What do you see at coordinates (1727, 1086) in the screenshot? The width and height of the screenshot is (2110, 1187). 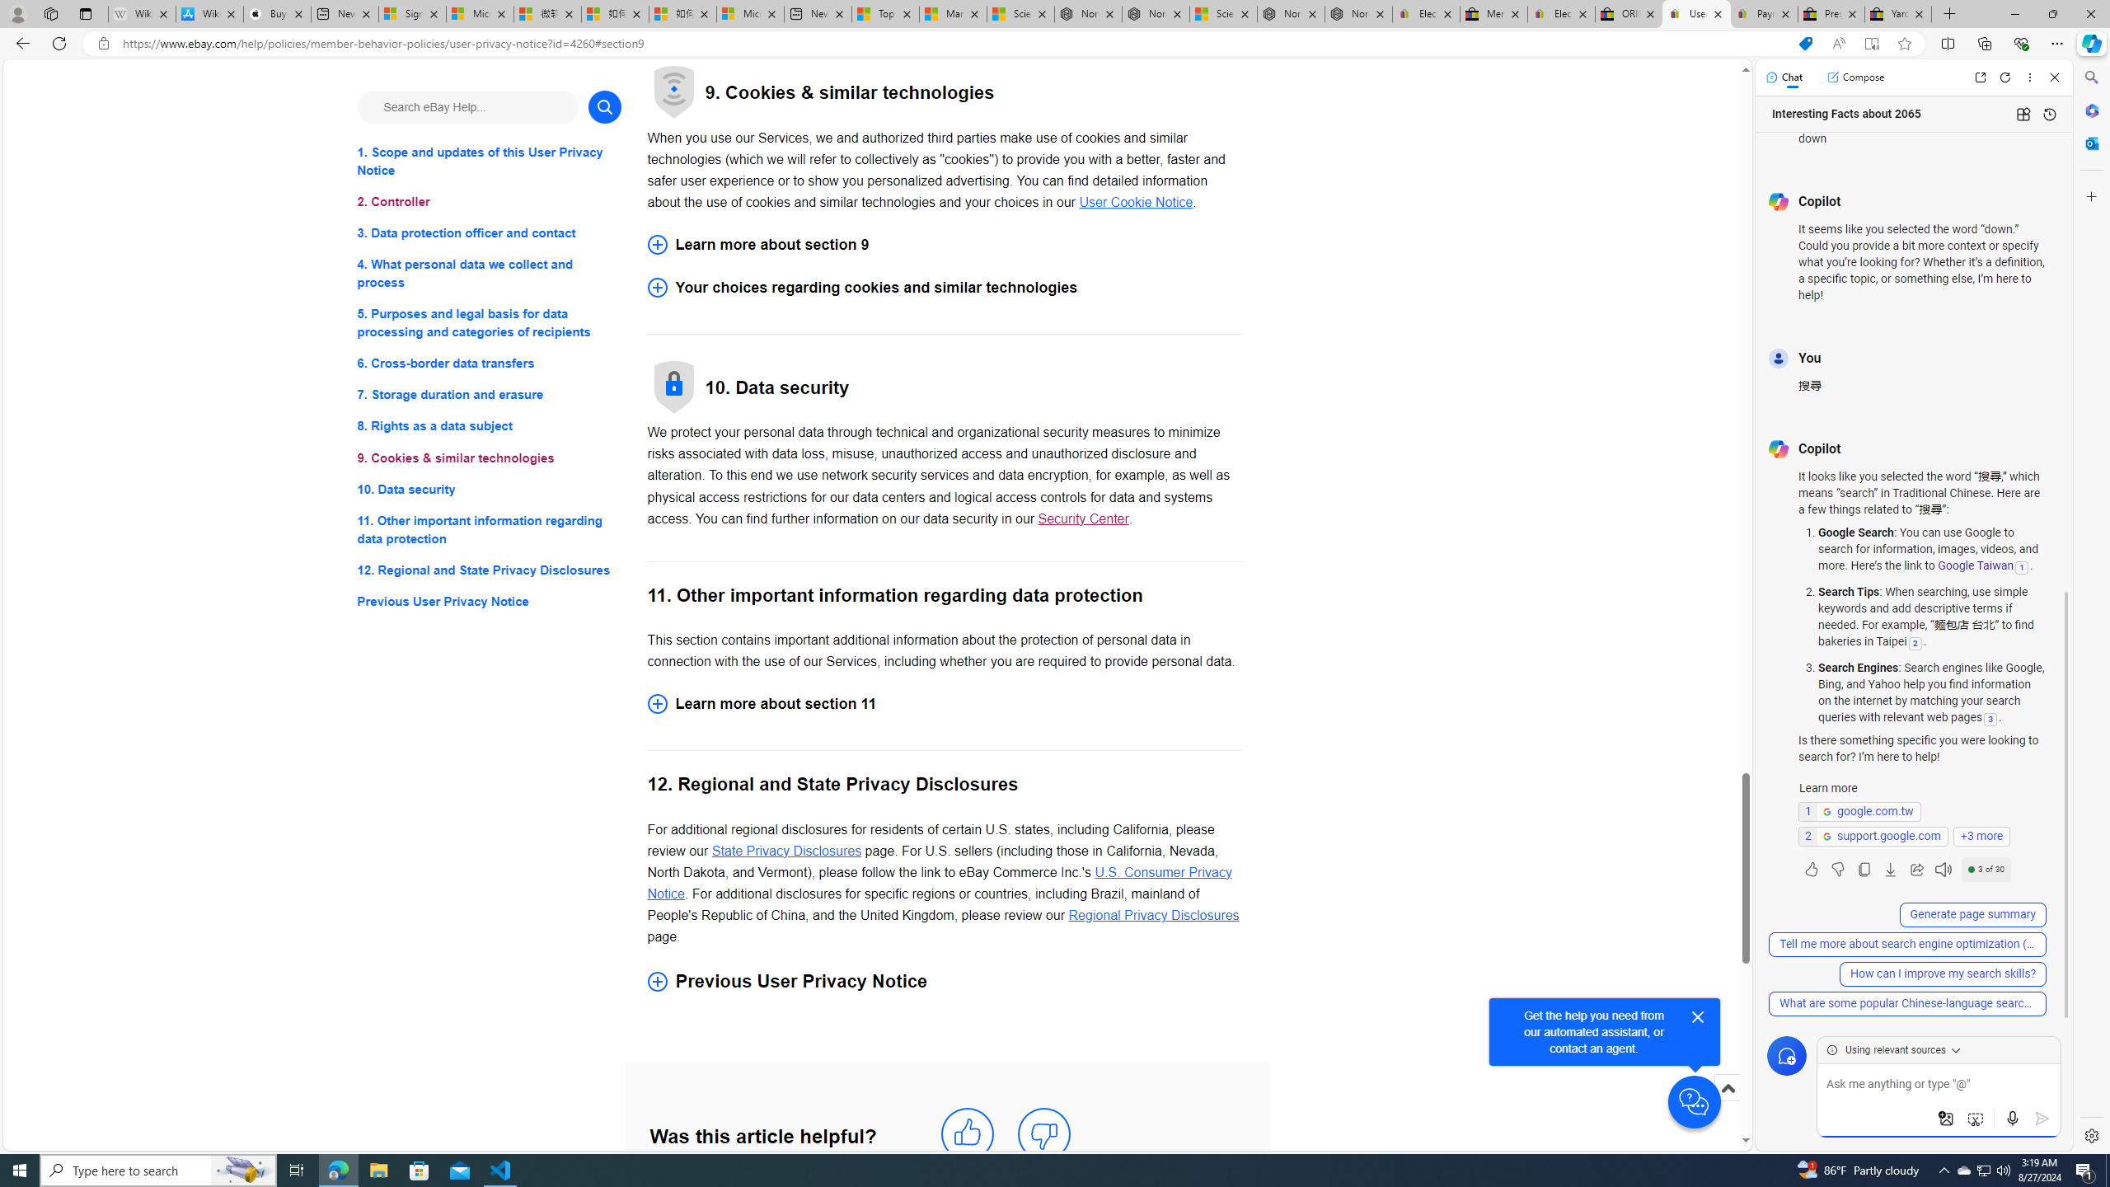 I see `'Scroll to top'` at bounding box center [1727, 1086].